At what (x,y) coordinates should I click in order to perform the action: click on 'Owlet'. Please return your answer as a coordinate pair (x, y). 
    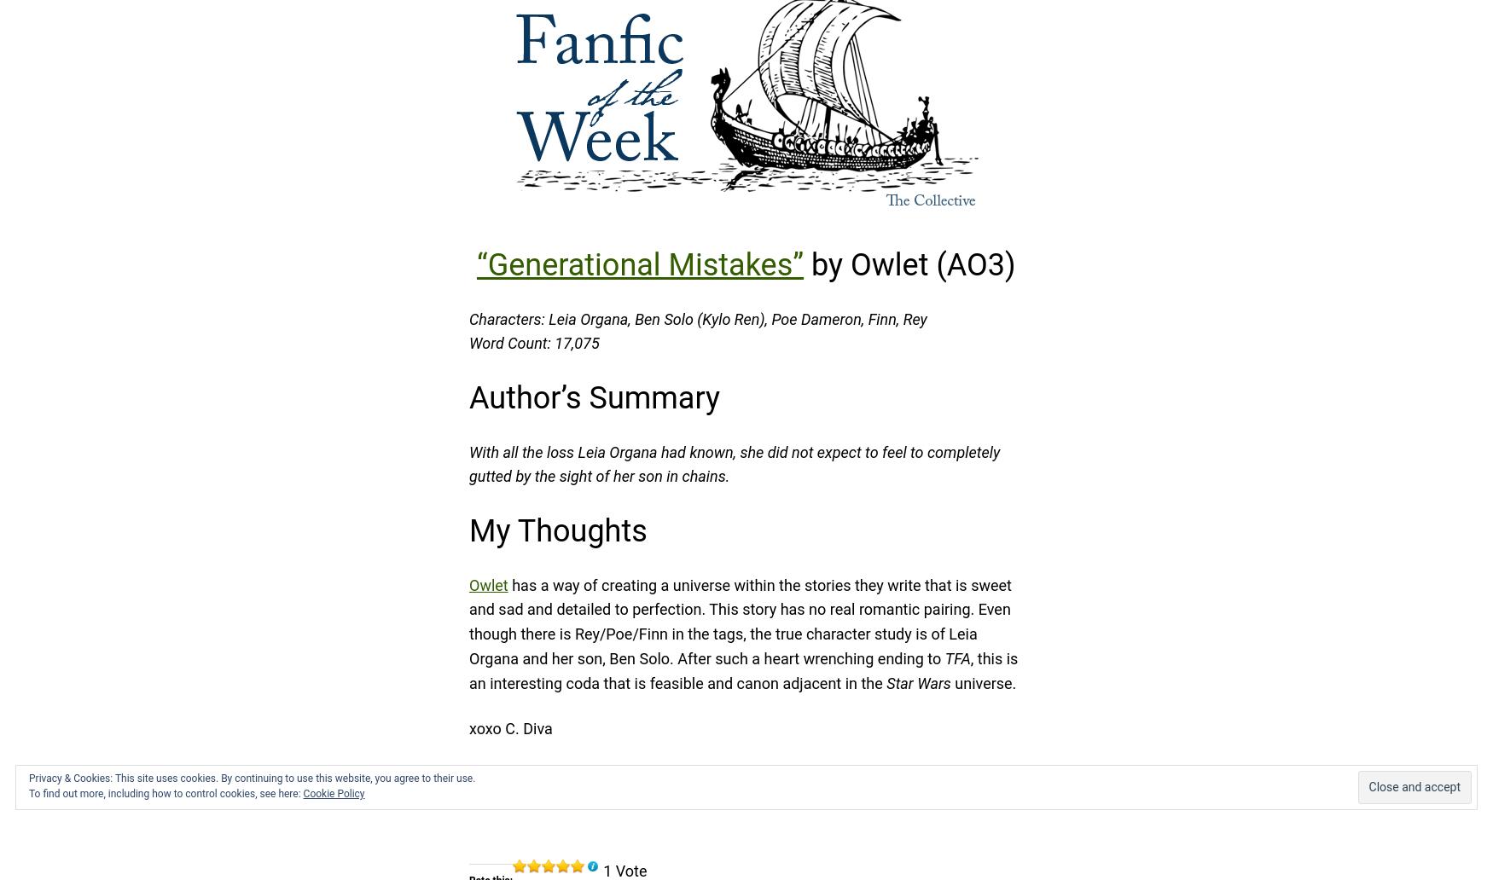
    Looking at the image, I should click on (488, 583).